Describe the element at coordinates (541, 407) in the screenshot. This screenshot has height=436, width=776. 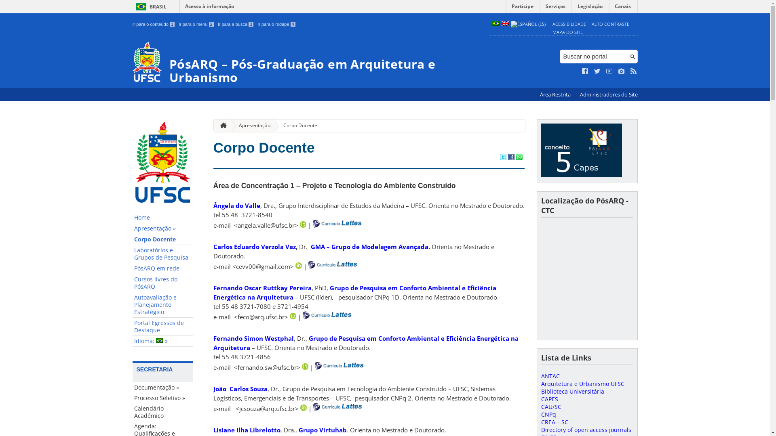
I see `'CAU/SC'` at that location.